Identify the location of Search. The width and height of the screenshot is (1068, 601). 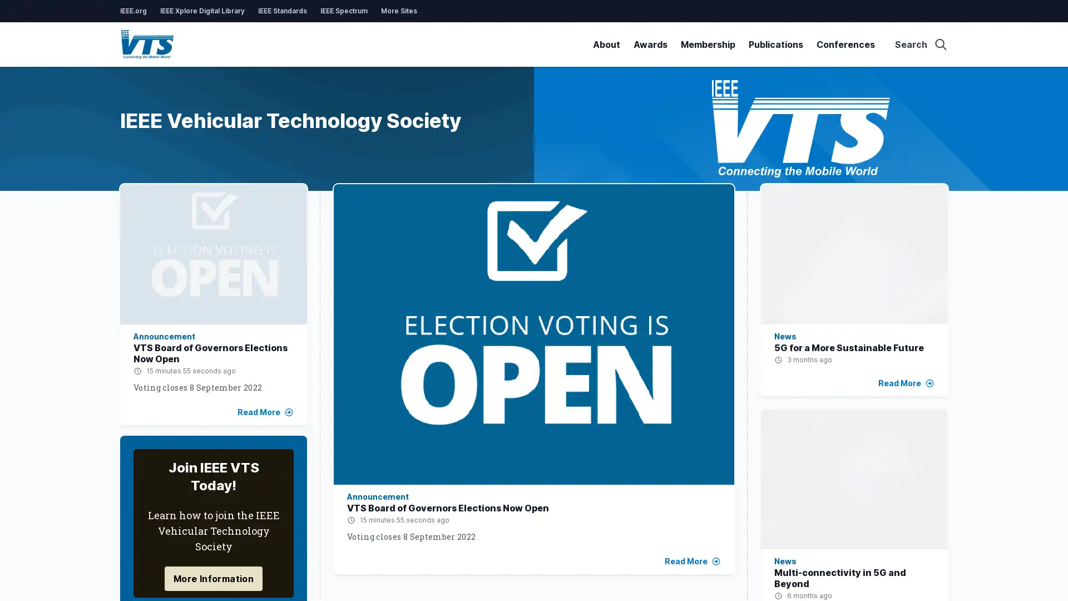
(921, 44).